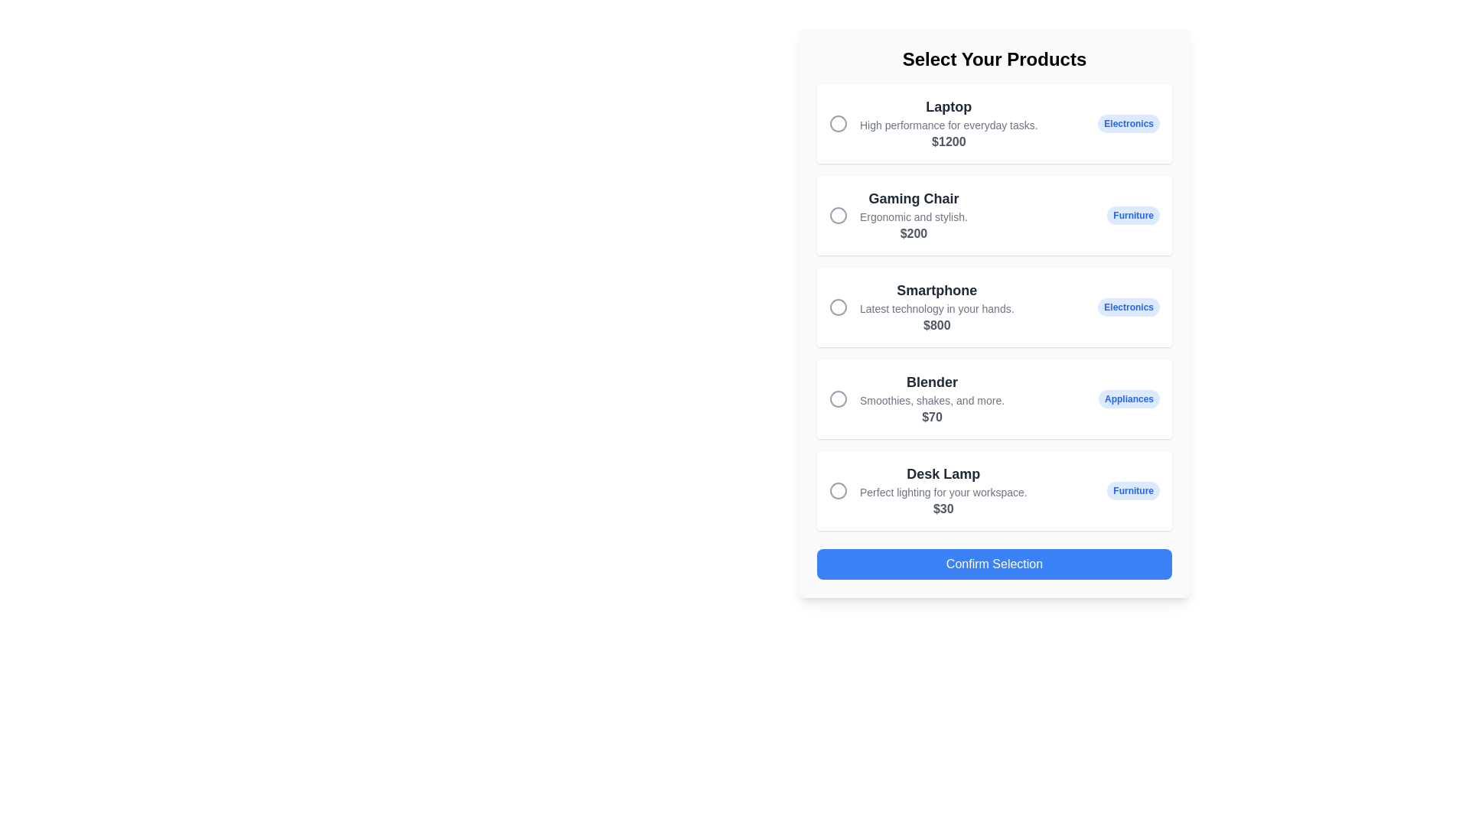 The width and height of the screenshot is (1469, 826). Describe the element at coordinates (943, 473) in the screenshot. I see `static text element displaying 'Desk Lamp' which is prominently styled at the top of the fifth product panel in the list` at that location.